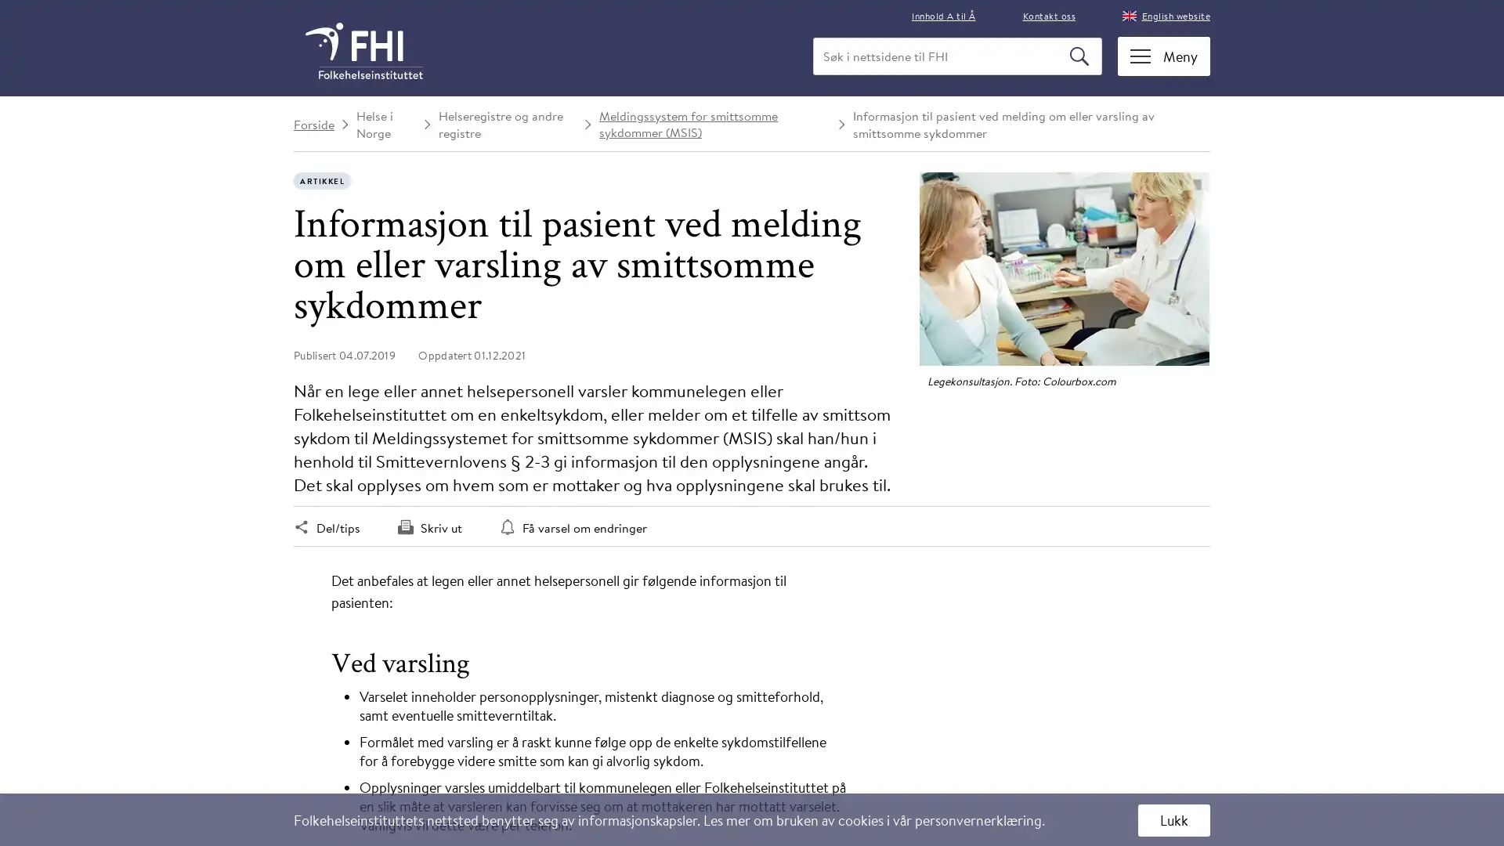 The image size is (1504, 846). Describe the element at coordinates (572, 528) in the screenshot. I see `Fa varsel om endringer` at that location.